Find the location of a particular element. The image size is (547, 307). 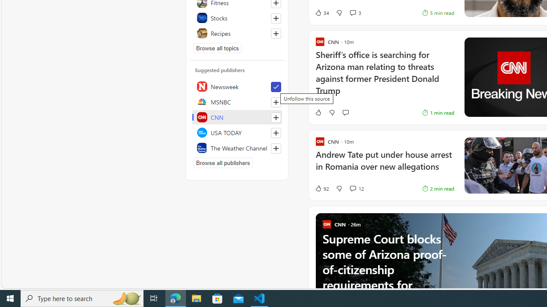

'34 Like' is located at coordinates (321, 13).